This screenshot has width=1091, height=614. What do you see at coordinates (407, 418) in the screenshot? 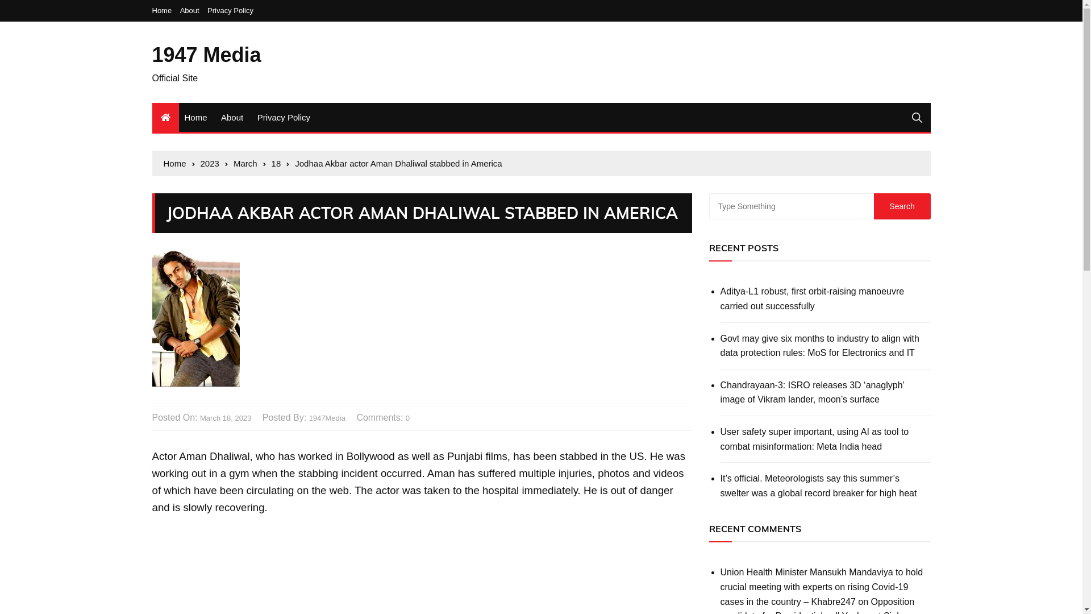
I see `'0'` at bounding box center [407, 418].